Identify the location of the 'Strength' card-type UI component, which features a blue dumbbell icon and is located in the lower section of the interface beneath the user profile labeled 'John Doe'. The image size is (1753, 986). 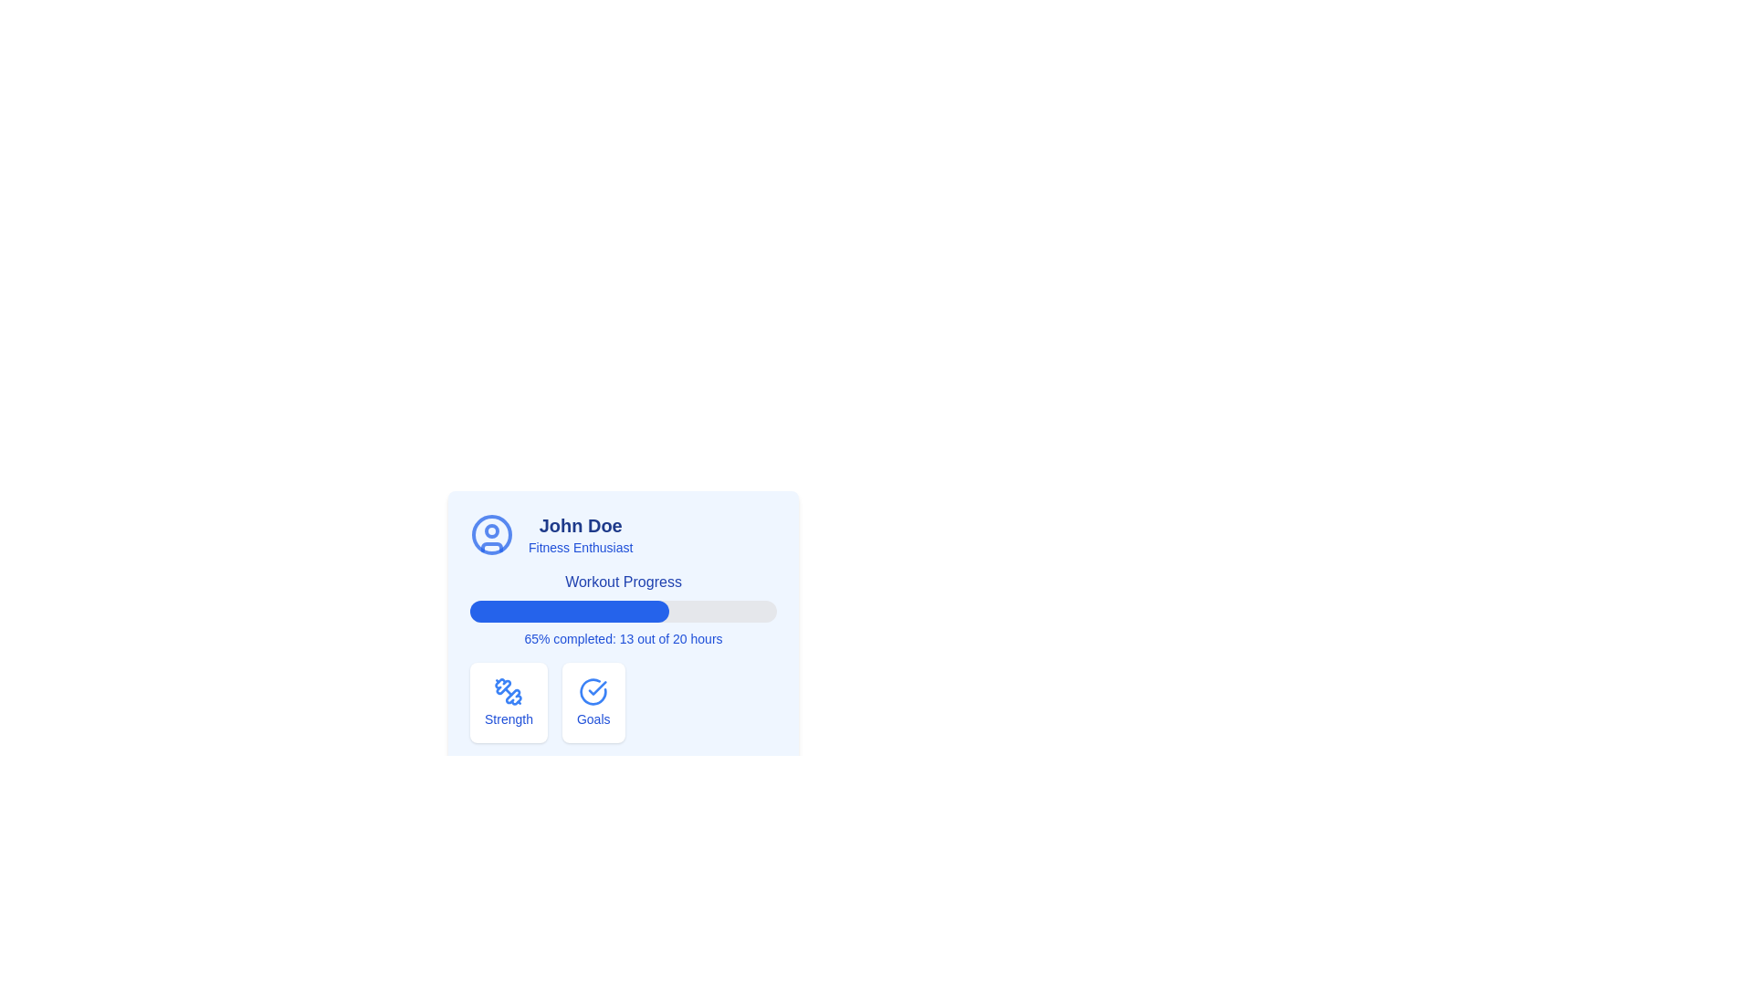
(509, 702).